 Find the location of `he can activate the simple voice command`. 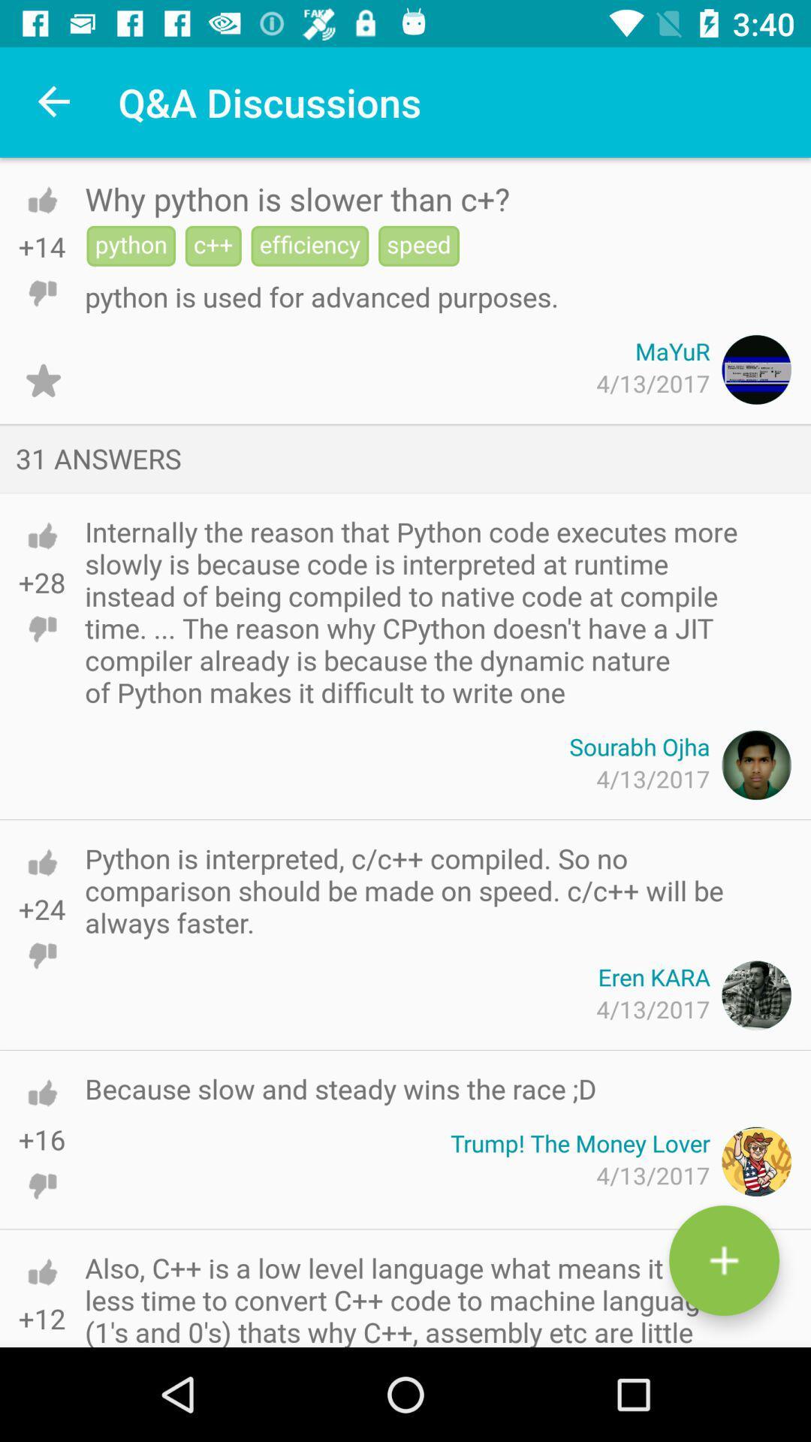

he can activate the simple voice command is located at coordinates (41, 199).